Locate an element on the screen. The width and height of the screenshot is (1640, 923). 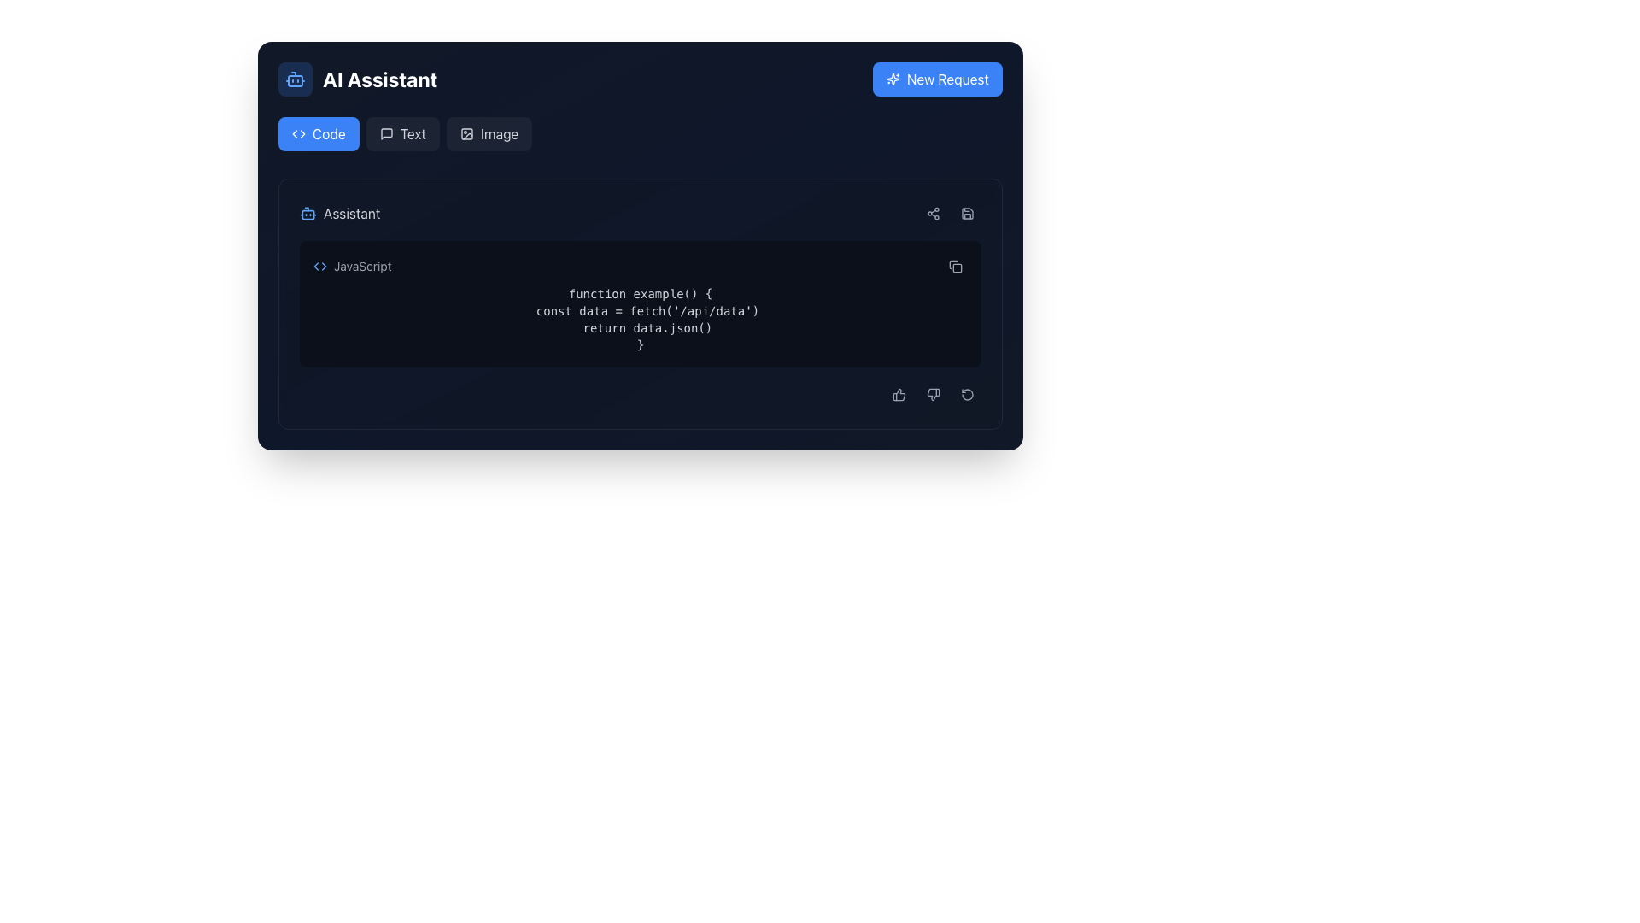
the small gray thumbs-up icon button located at the far-right of the horizontal row of icons near the bottom-right area of the interface is located at coordinates (898, 395).